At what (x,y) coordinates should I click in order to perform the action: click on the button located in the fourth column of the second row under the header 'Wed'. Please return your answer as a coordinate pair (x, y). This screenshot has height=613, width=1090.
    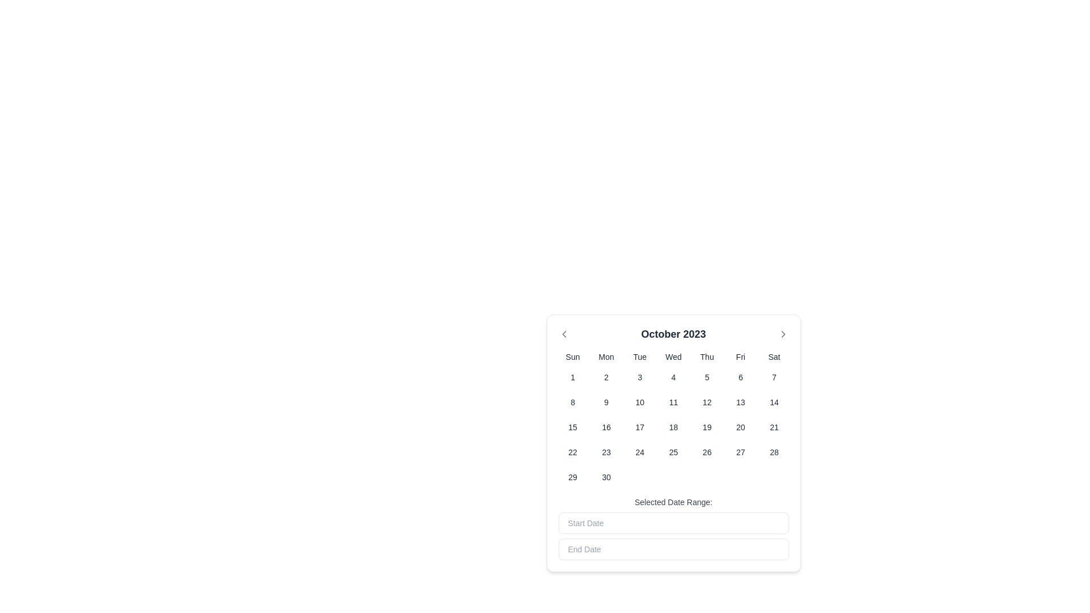
    Looking at the image, I should click on (673, 377).